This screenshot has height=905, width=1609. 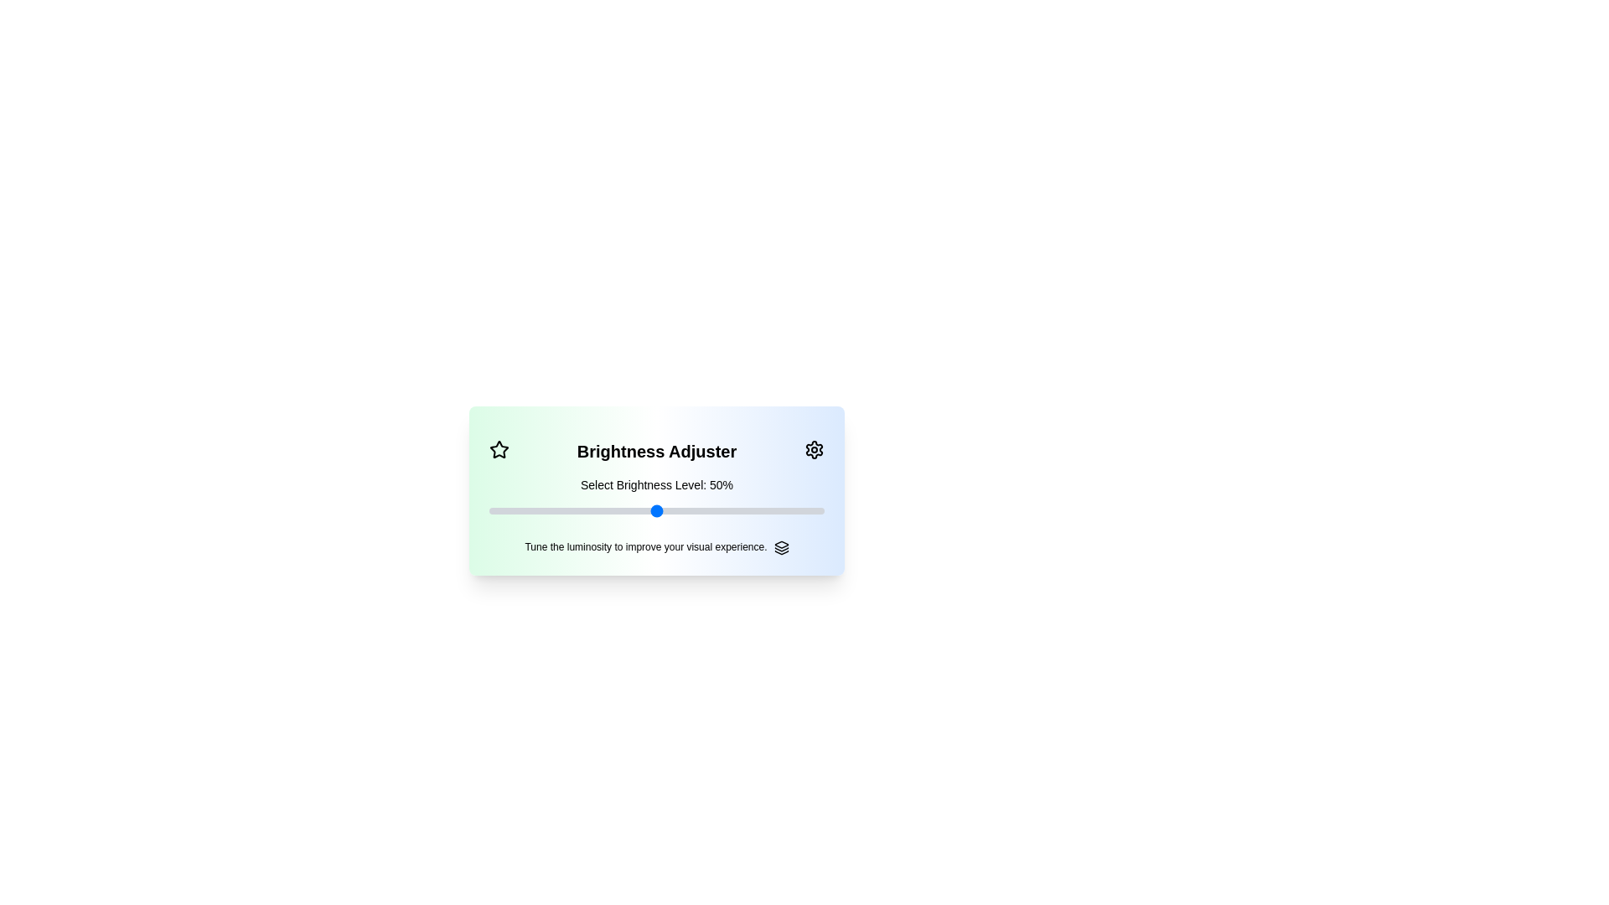 What do you see at coordinates (804, 509) in the screenshot?
I see `the brightness level to 94% by moving the slider` at bounding box center [804, 509].